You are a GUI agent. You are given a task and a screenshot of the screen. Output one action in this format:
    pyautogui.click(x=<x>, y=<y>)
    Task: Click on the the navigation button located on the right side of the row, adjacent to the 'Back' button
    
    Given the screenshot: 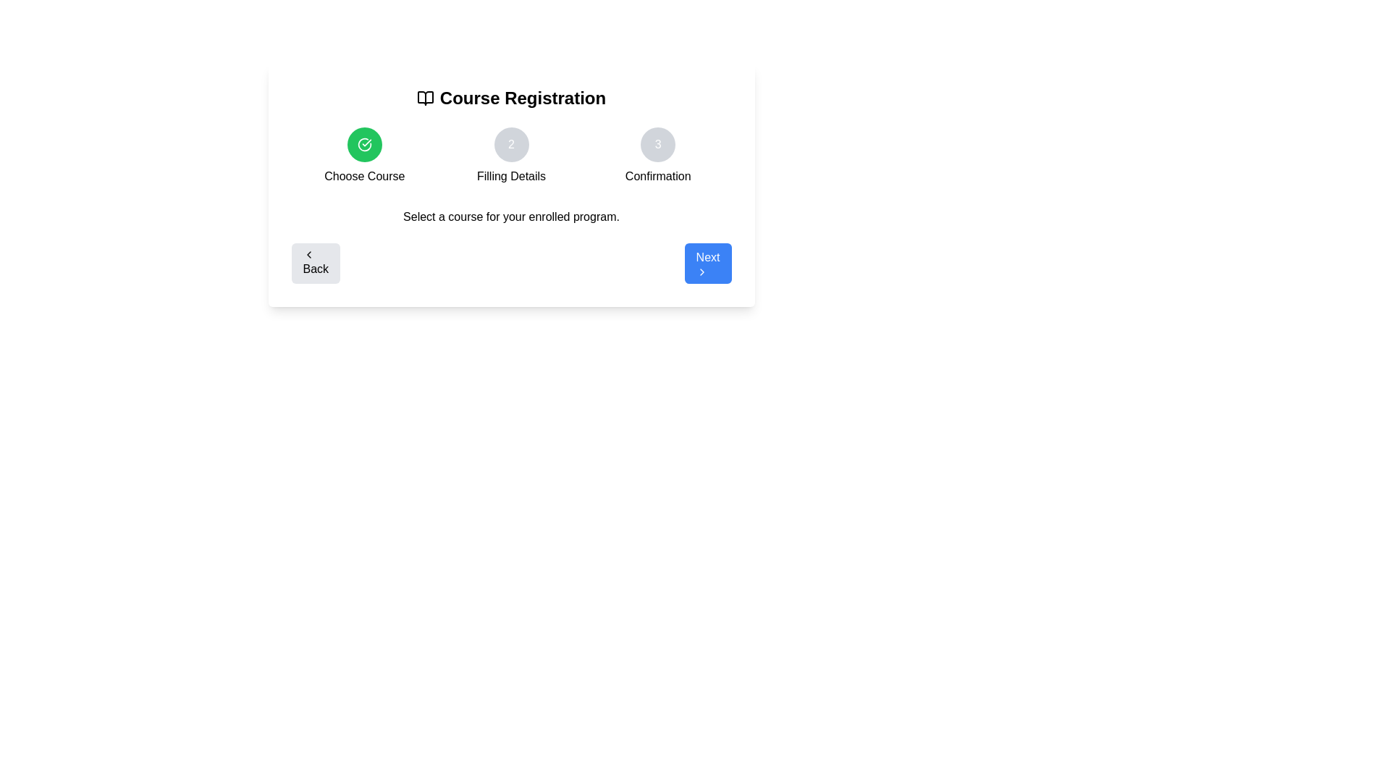 What is the action you would take?
    pyautogui.click(x=708, y=263)
    